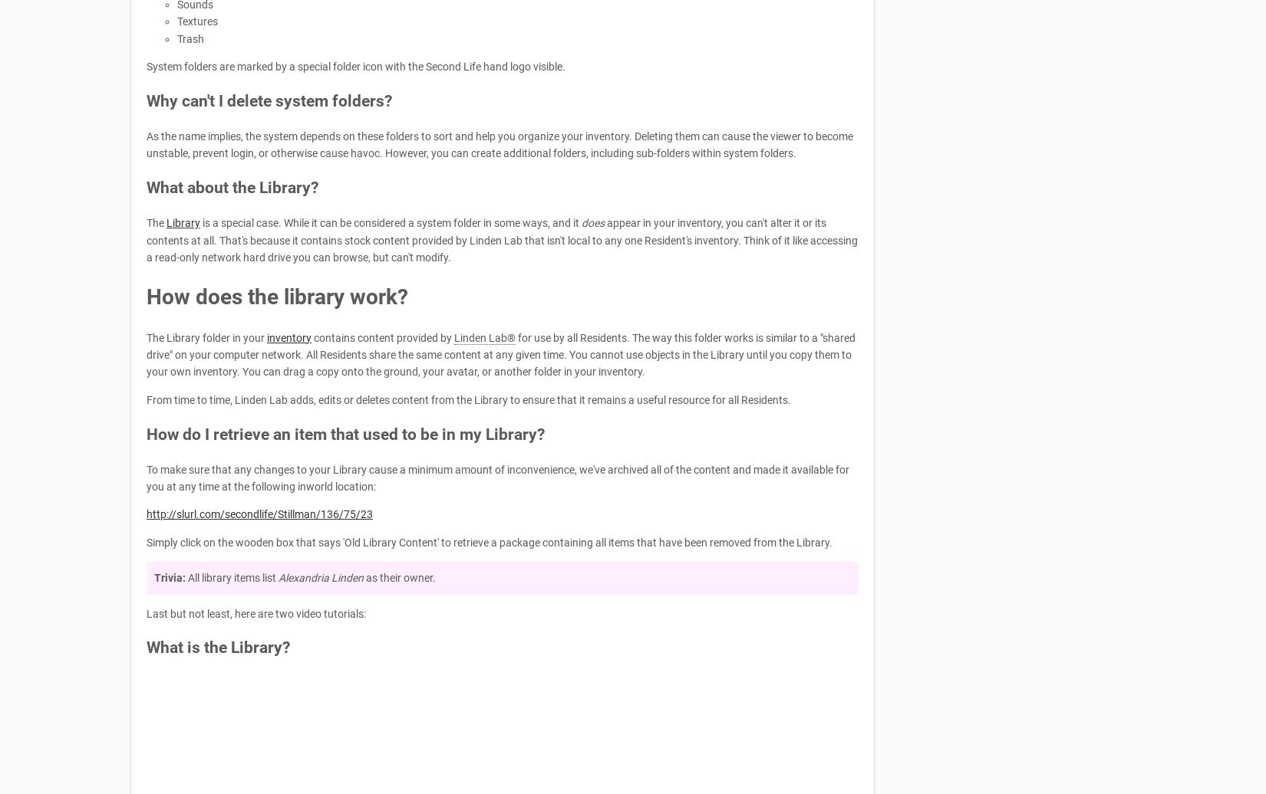  Describe the element at coordinates (147, 433) in the screenshot. I see `'How do I retrieve an item that used to be in my Library?'` at that location.